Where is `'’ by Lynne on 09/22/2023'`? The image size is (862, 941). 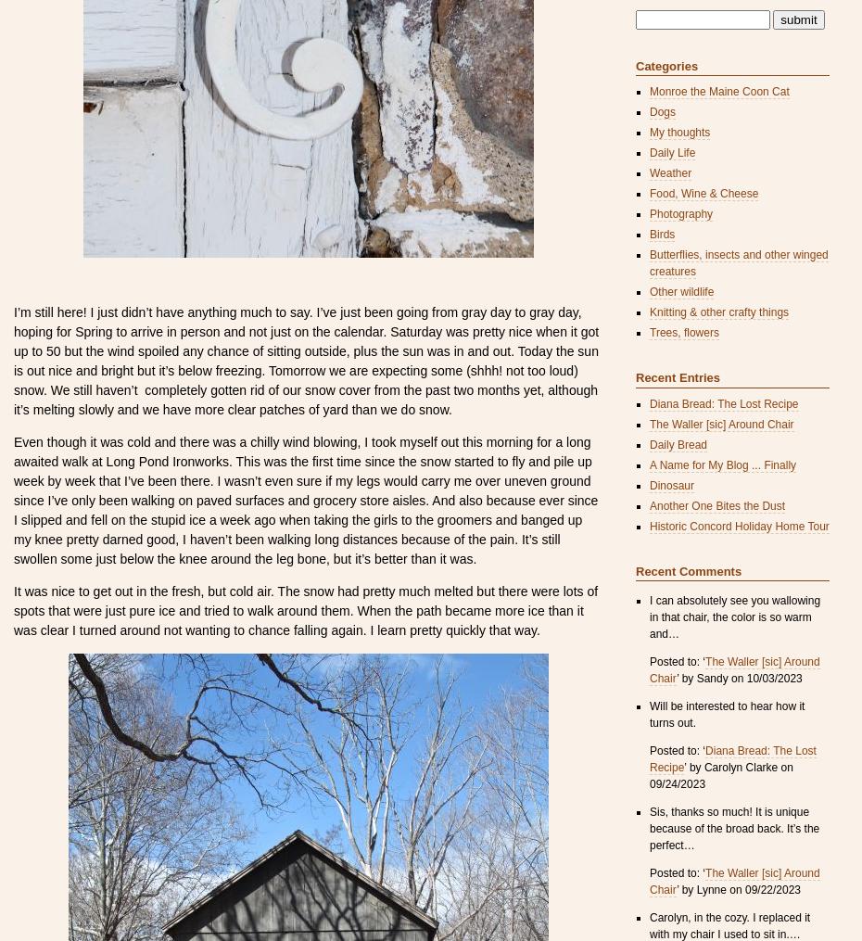 '’ by Lynne on 09/22/2023' is located at coordinates (738, 889).